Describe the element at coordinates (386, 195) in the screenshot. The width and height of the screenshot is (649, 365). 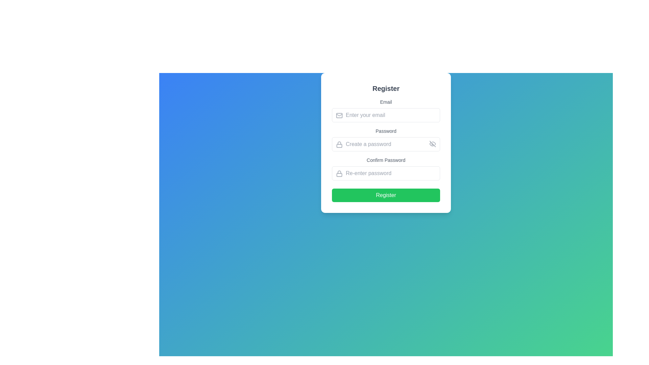
I see `the green rectangular button labeled 'Register' located at the bottom of a form to change its color` at that location.